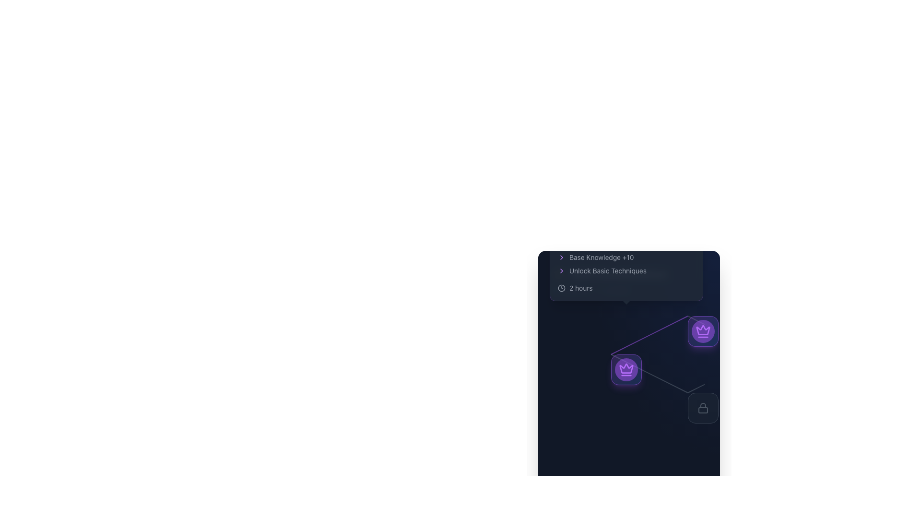  I want to click on the semi-transparent purple circular glow effect surrounding the crown icon, which is animated to pulse and draws attention, so click(626, 369).